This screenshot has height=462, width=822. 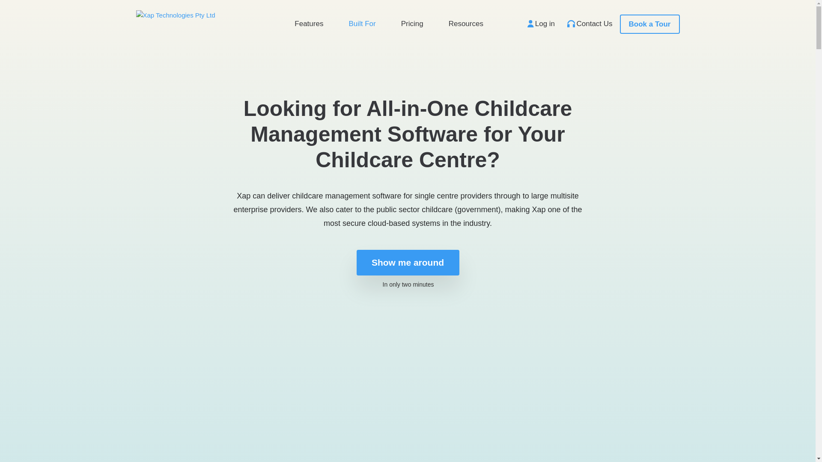 I want to click on 'Log in', so click(x=521, y=23).